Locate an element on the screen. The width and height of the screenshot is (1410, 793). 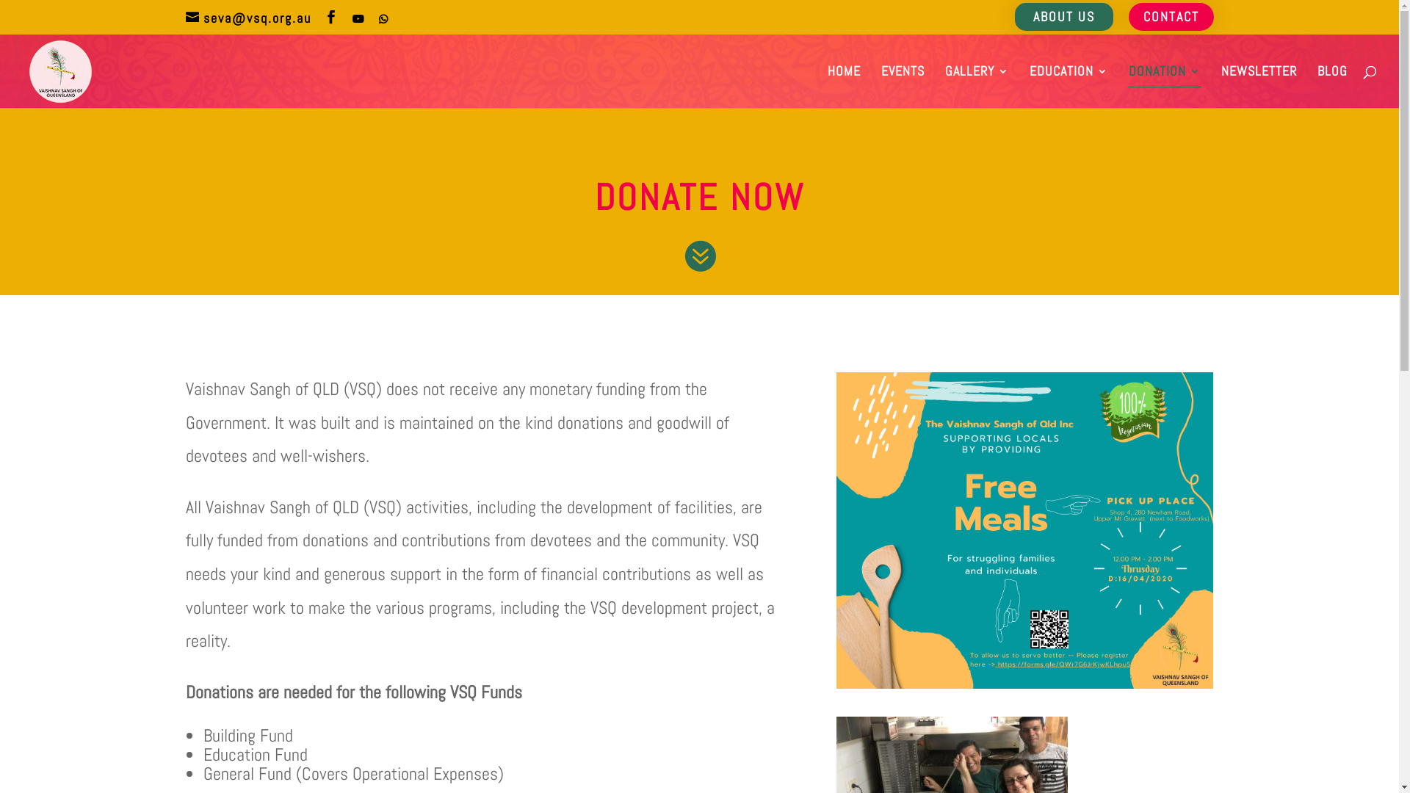
'HOME' is located at coordinates (828, 87).